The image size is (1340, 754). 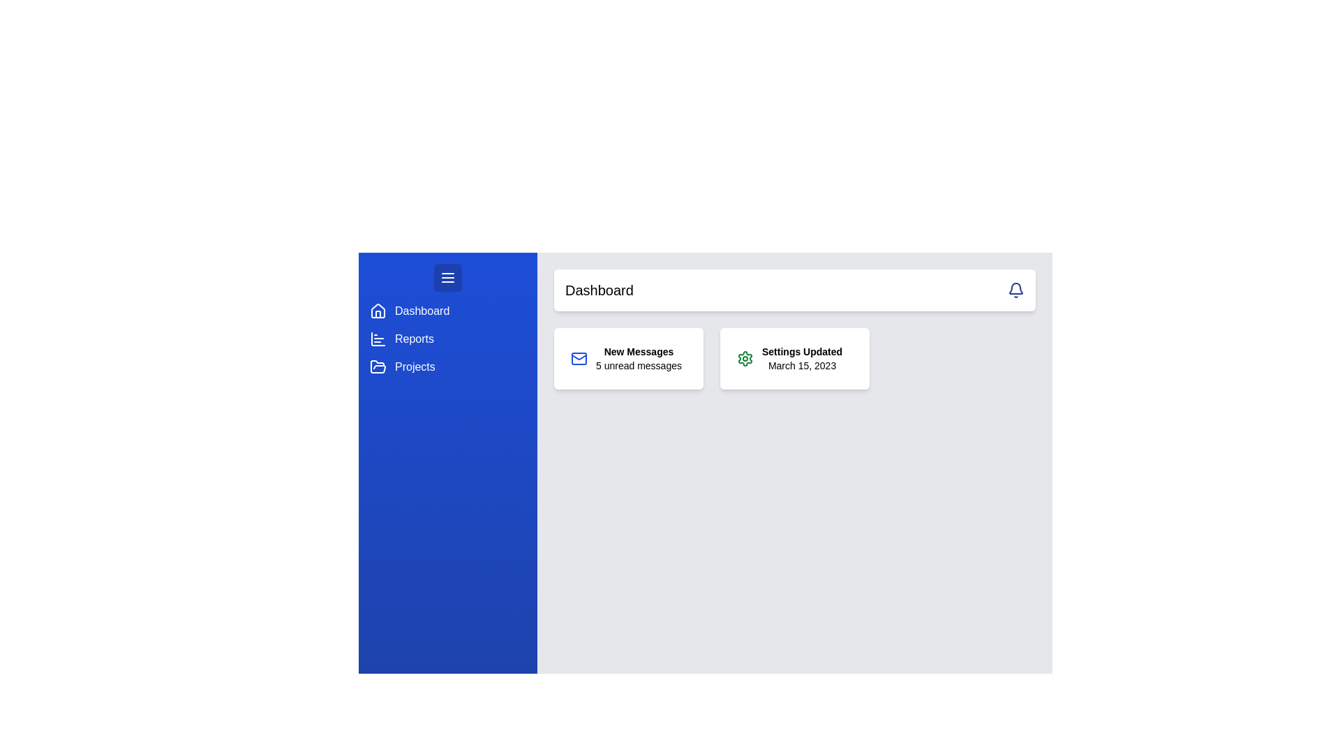 I want to click on the 'Projects' text label in the vertical navigation bar, so click(x=414, y=366).